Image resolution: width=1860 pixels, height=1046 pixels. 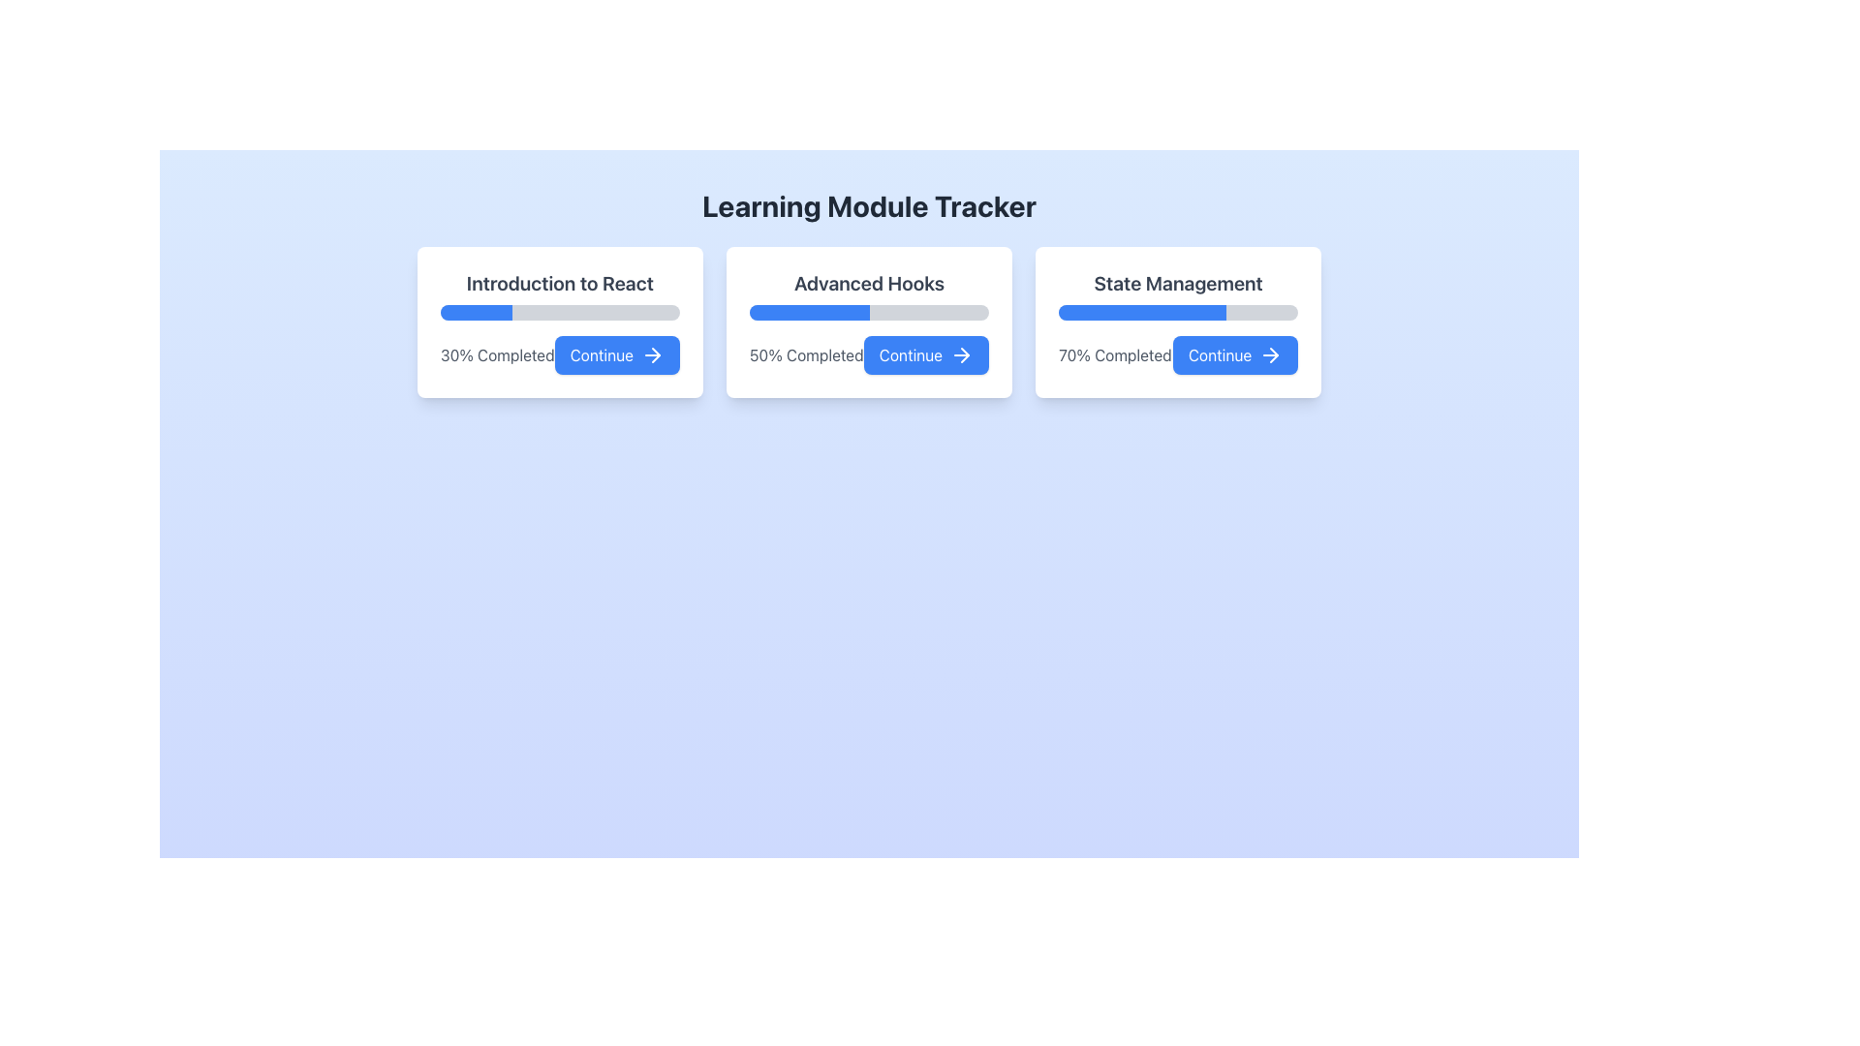 I want to click on the text label that indicates the completion percentage of the related module, located to the left of the 'Continue' button in the 'State Management' module, so click(x=1115, y=354).